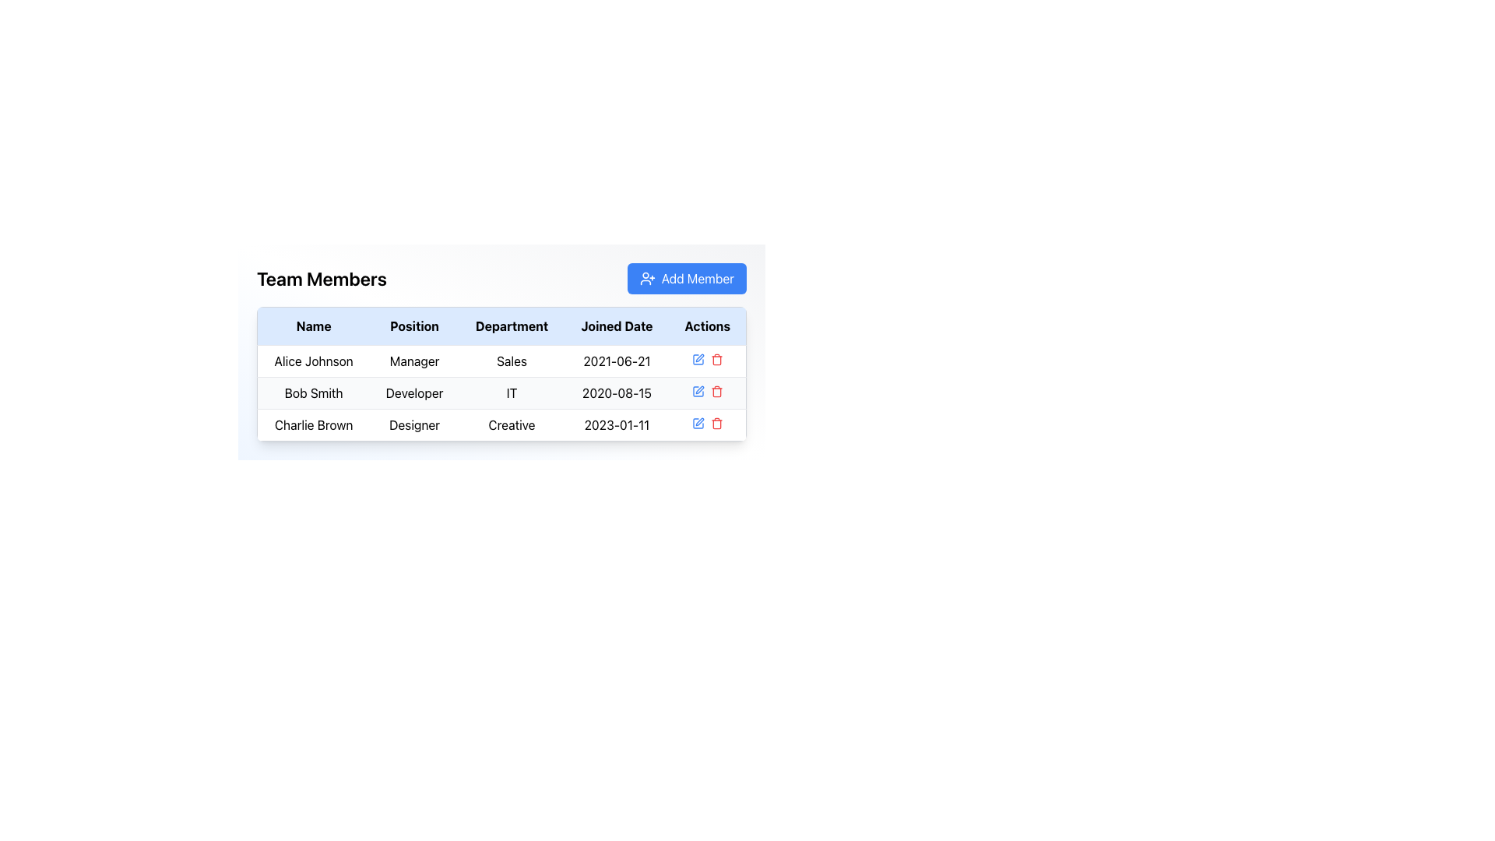 This screenshot has height=841, width=1495. What do you see at coordinates (697, 278) in the screenshot?
I see `the label inside the button that allows user interaction to add a member to a list or group, located towards the top-right corner of the 'Team Members' section, centered within the rectangular blue button` at bounding box center [697, 278].